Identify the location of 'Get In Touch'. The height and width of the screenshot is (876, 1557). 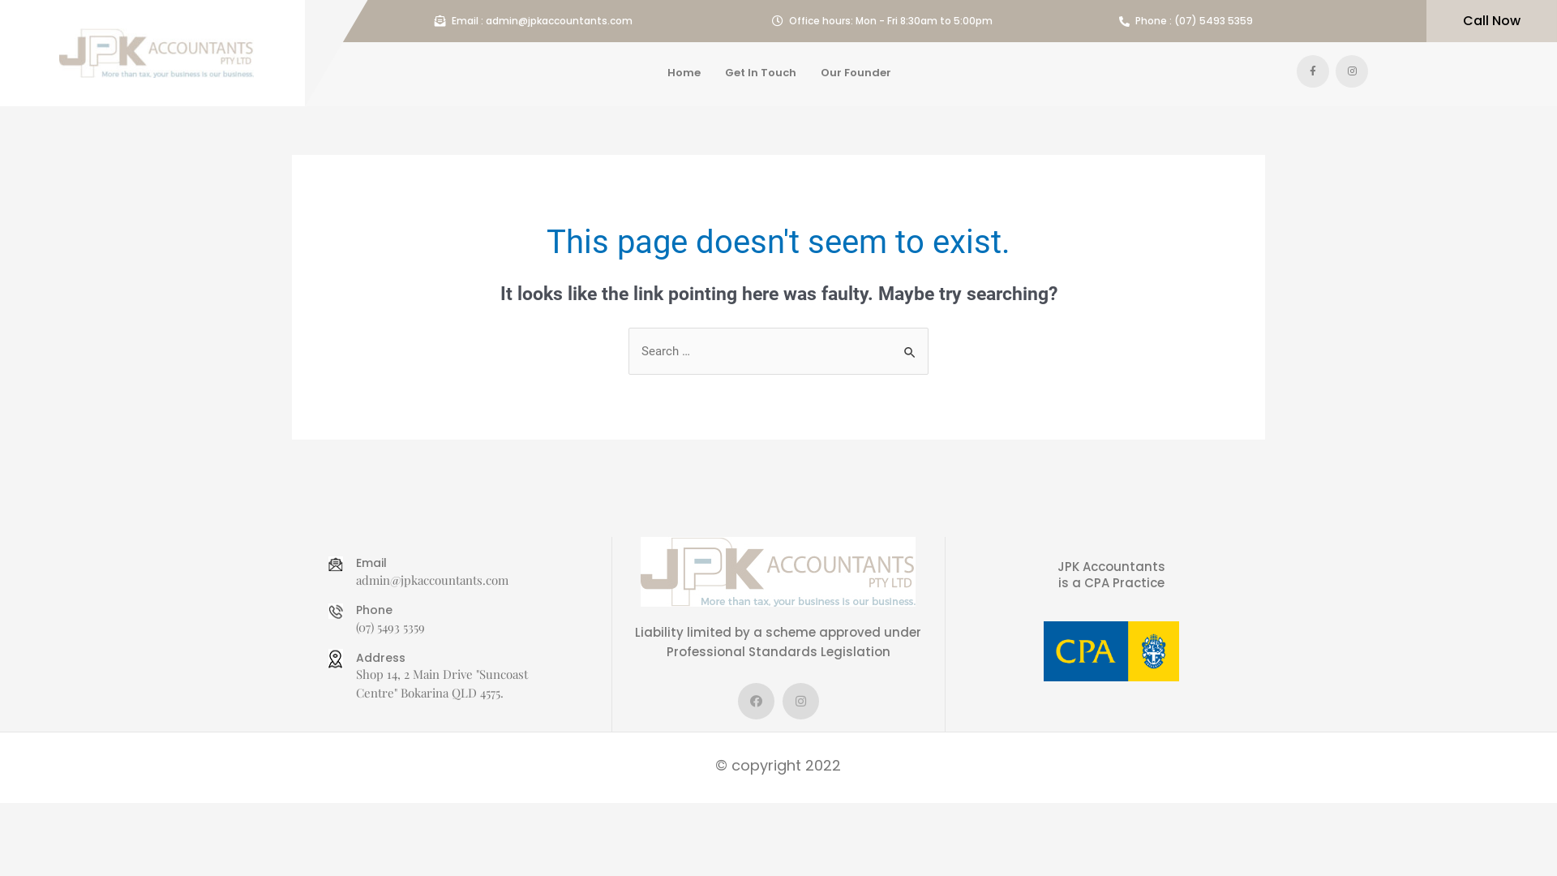
(759, 71).